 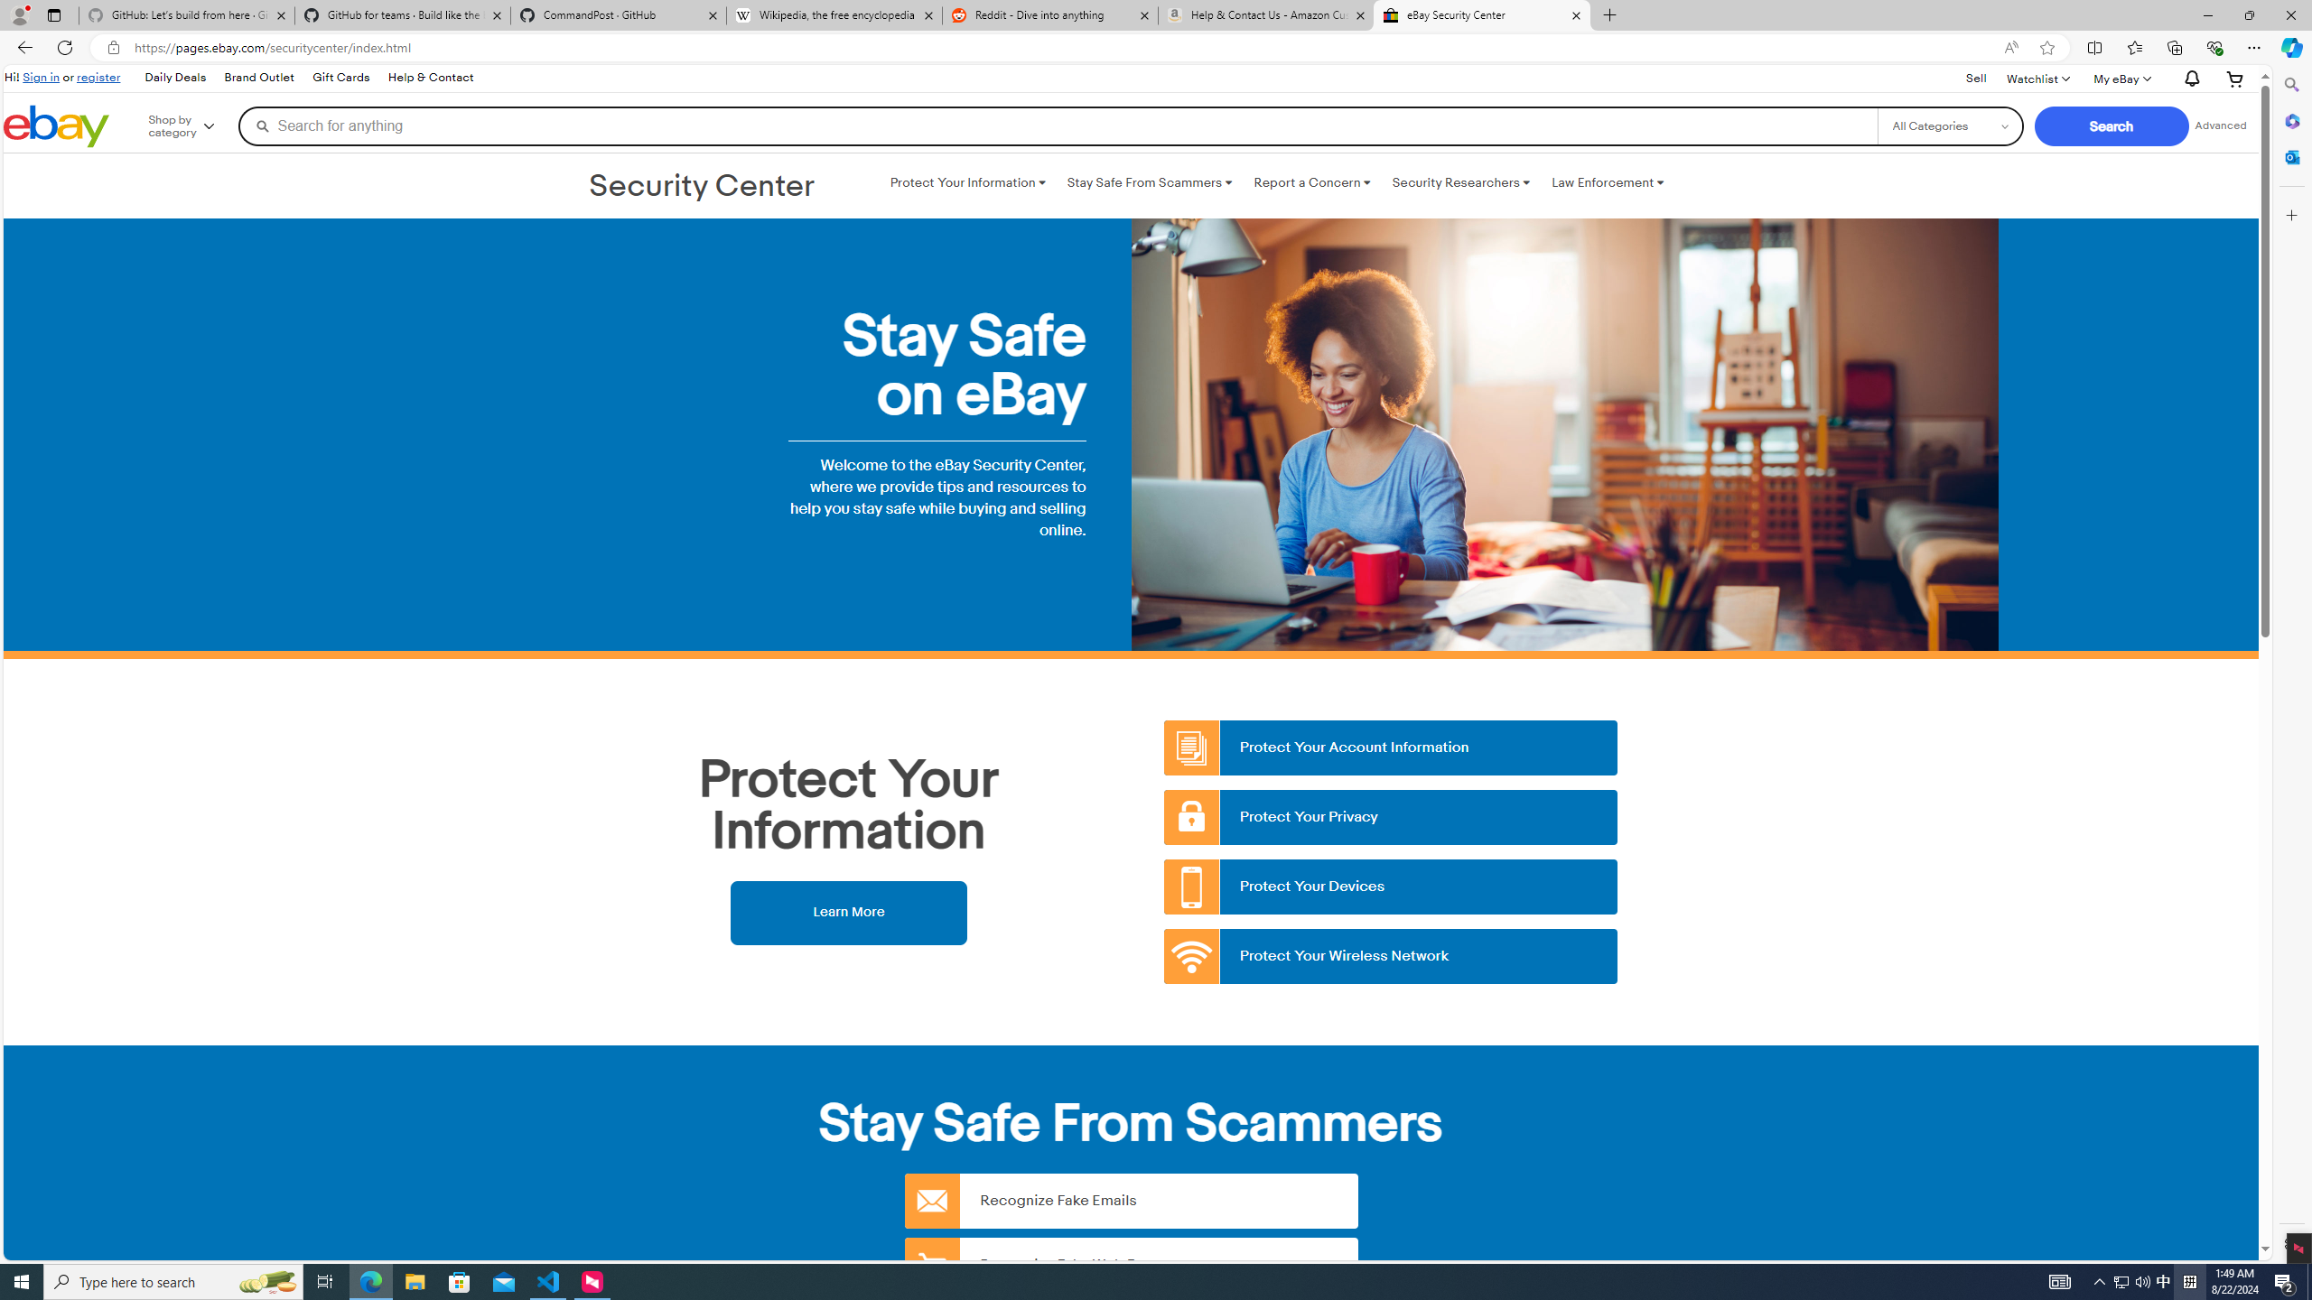 I want to click on 'Daily Deals', so click(x=173, y=77).